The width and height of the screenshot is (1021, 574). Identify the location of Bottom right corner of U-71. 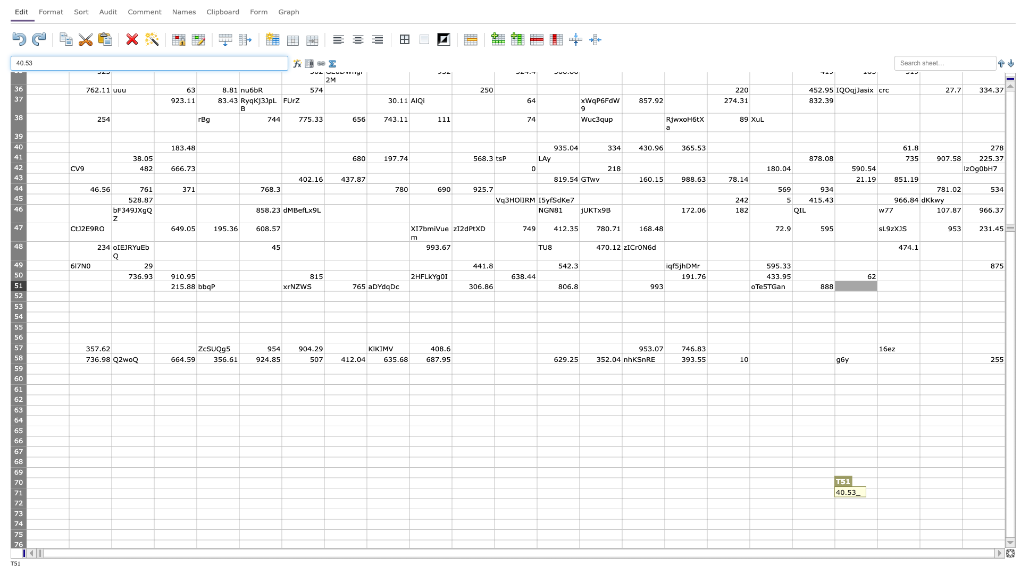
(919, 498).